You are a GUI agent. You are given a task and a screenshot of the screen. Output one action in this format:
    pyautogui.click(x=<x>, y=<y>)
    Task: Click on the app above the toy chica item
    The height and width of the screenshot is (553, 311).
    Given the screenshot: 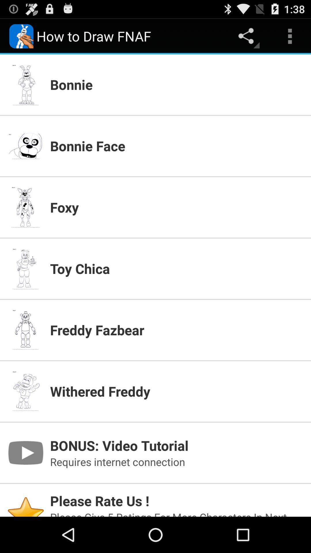 What is the action you would take?
    pyautogui.click(x=177, y=207)
    